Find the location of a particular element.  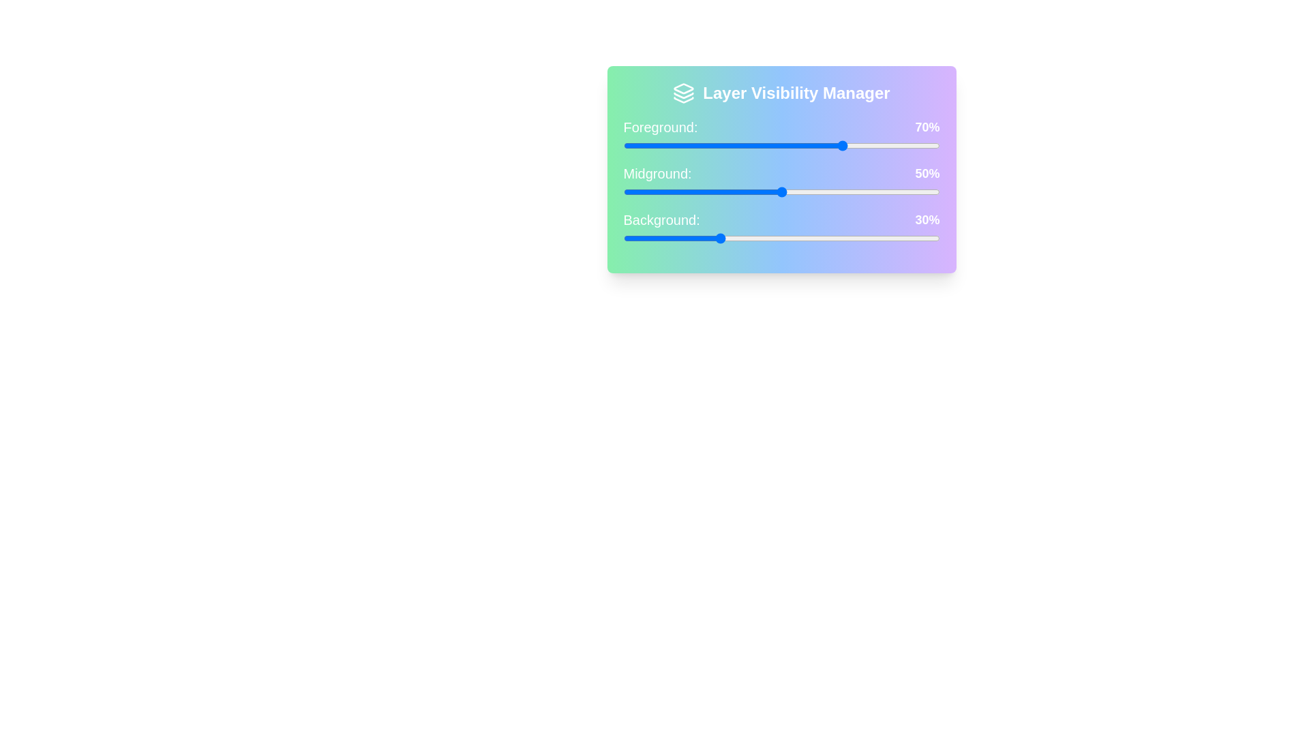

the Midground slider to 79% is located at coordinates (873, 191).